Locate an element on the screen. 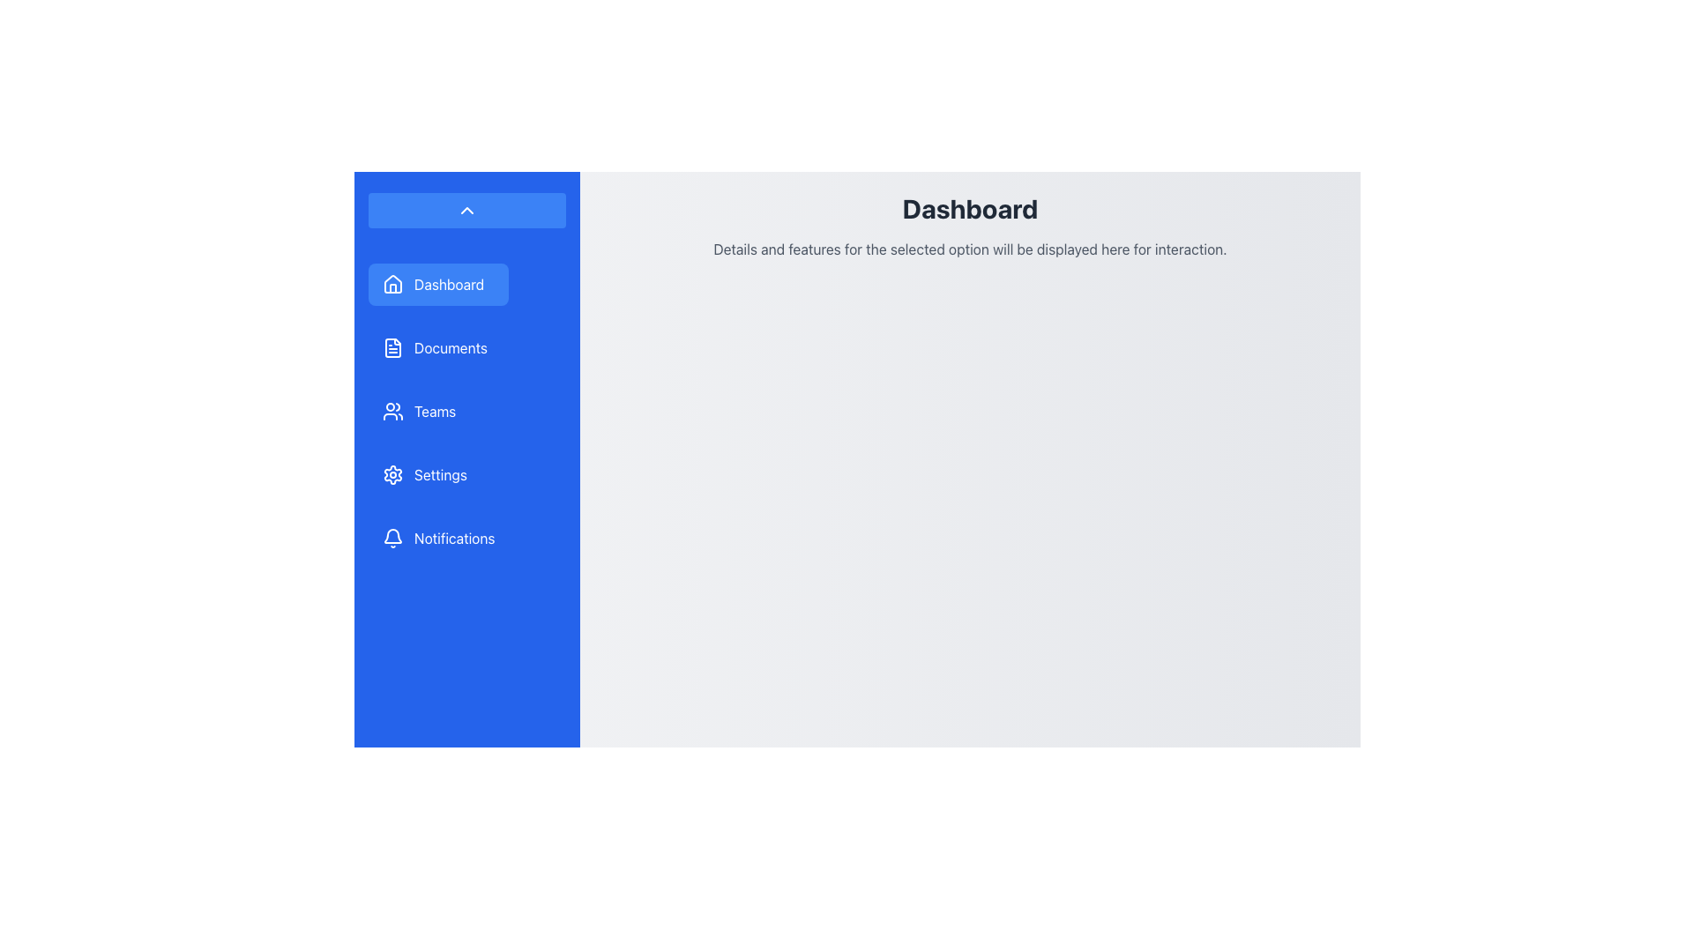 This screenshot has height=952, width=1693. the house-shaped icon outlined in white, located to the left of the 'Dashboard' text within the blue sidebar menu is located at coordinates (392, 284).